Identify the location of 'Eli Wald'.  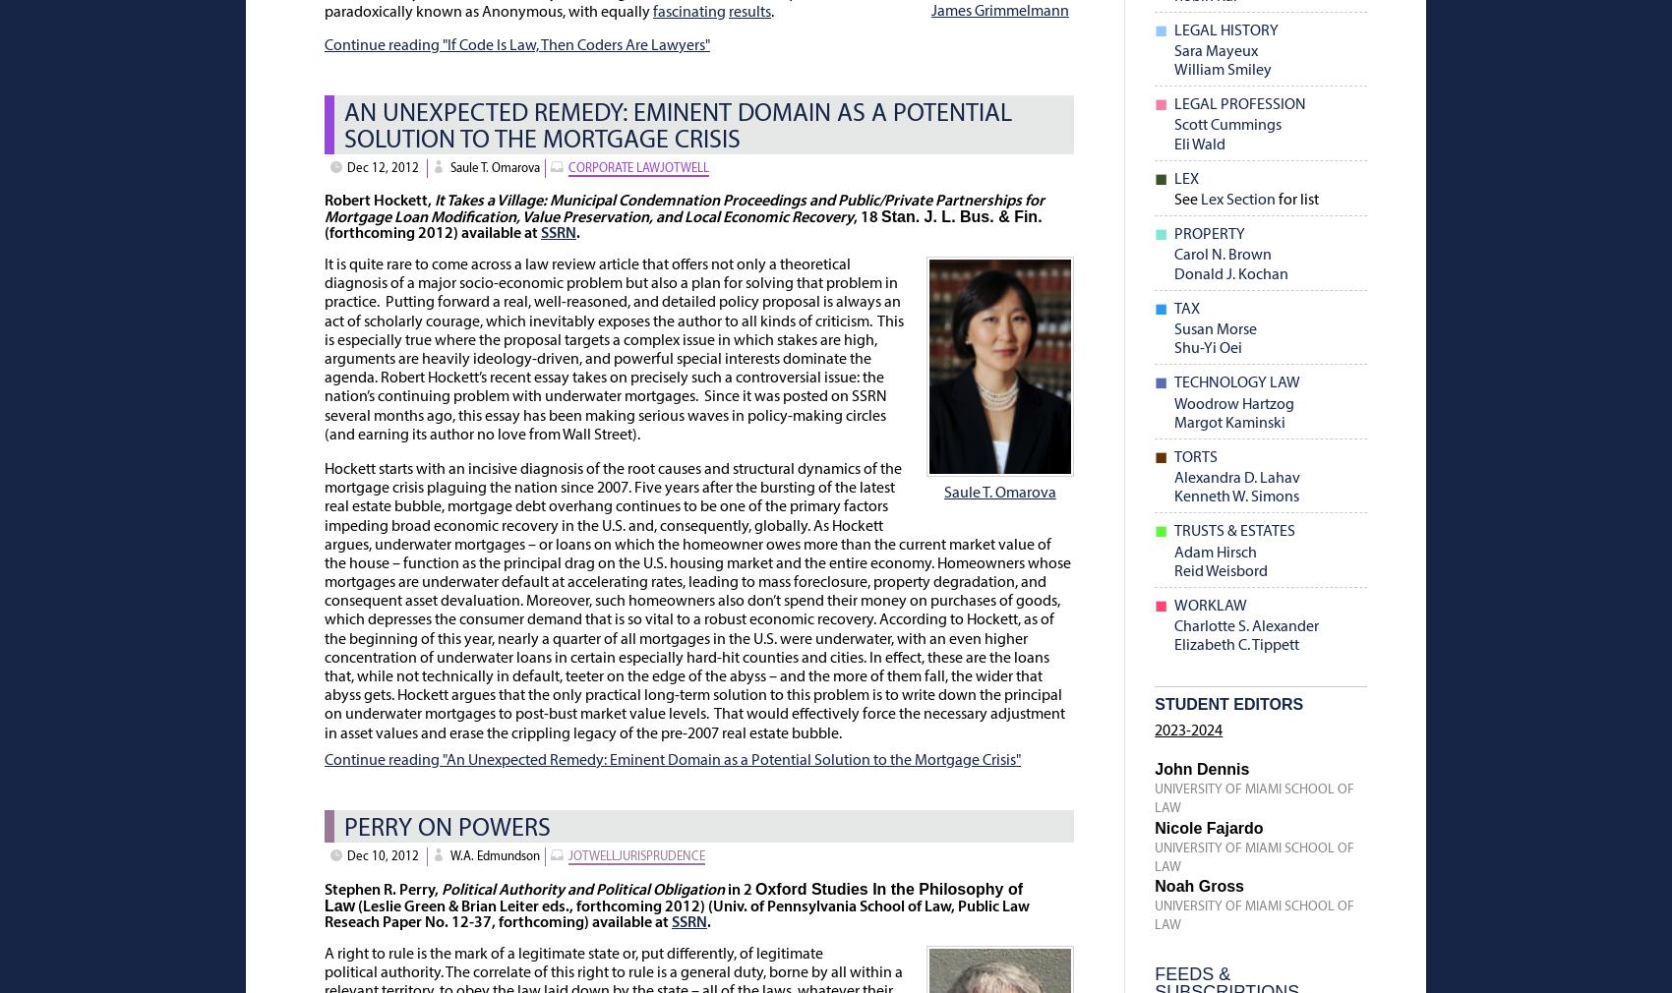
(1198, 143).